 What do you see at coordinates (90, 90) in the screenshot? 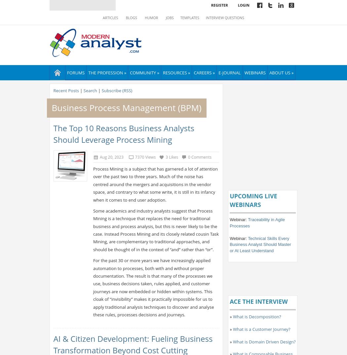
I see `'Search'` at bounding box center [90, 90].